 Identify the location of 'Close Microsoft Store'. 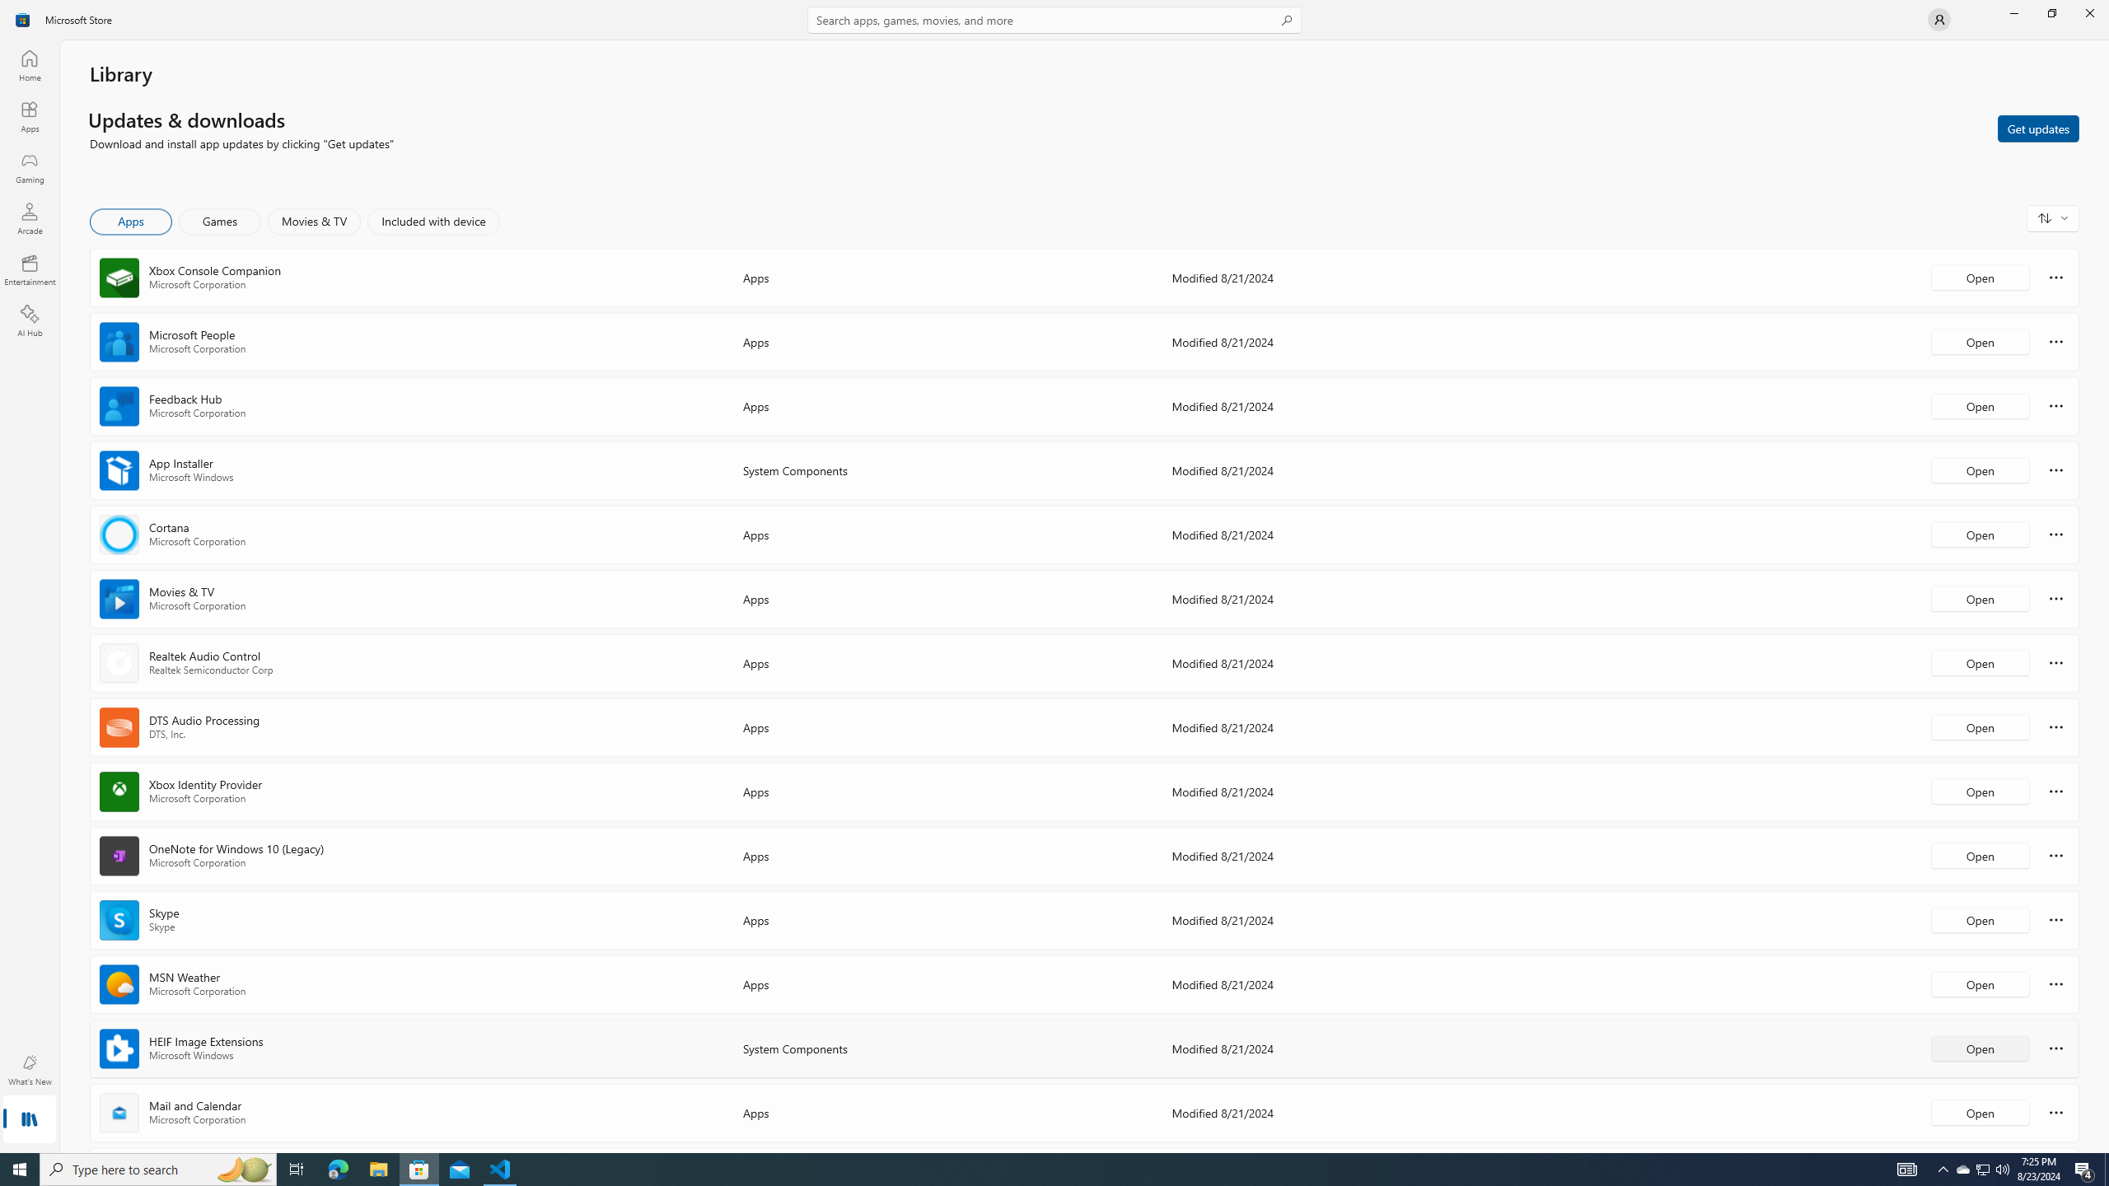
(2088, 12).